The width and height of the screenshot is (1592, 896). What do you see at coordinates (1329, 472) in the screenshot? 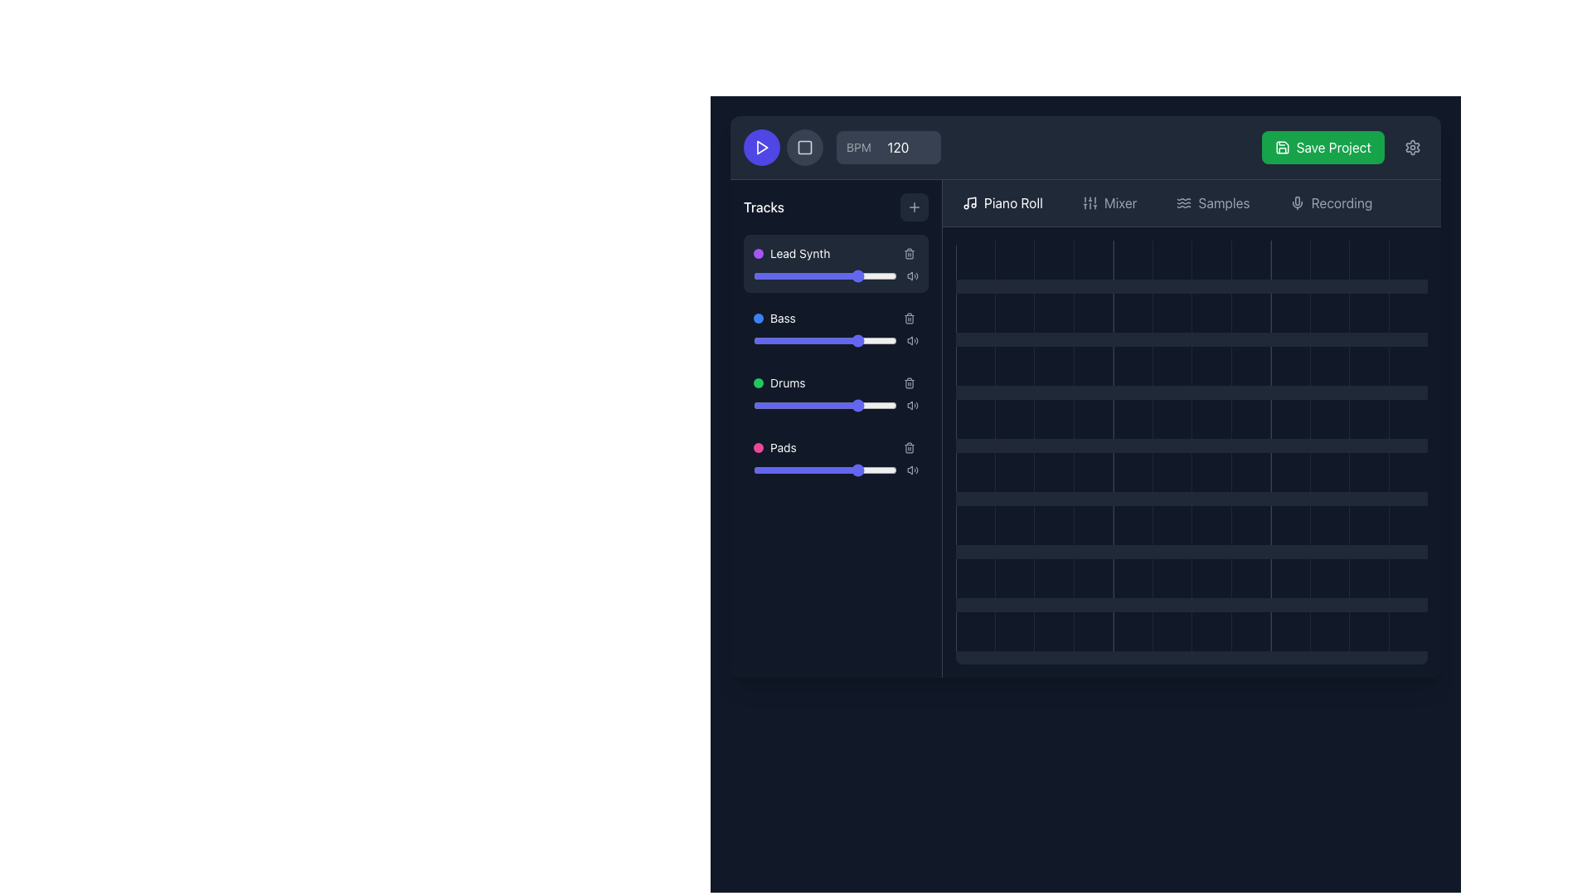
I see `the grid cell located in the 10th column of the 5th row` at bounding box center [1329, 472].